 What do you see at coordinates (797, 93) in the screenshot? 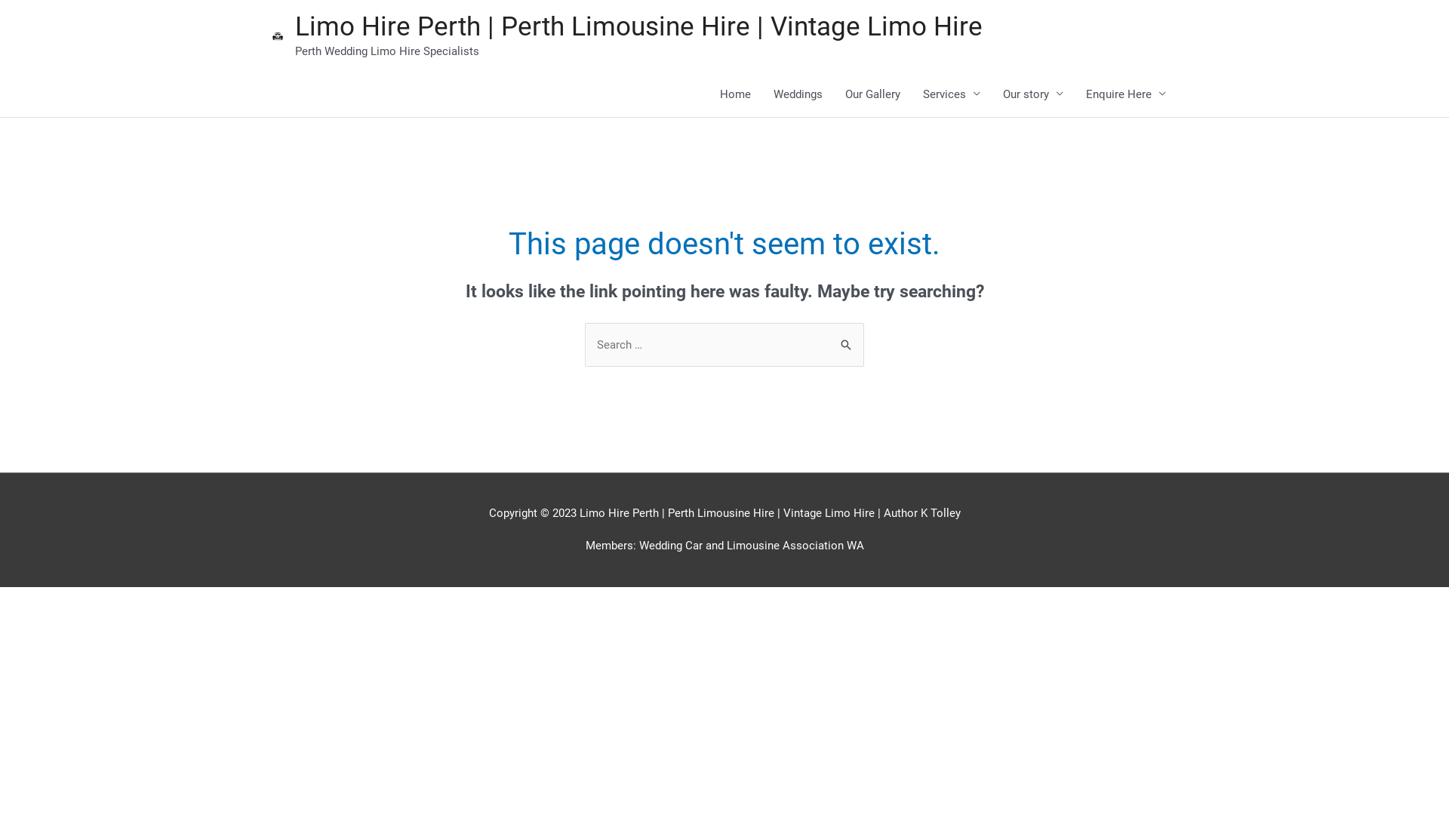
I see `'Weddings'` at bounding box center [797, 93].